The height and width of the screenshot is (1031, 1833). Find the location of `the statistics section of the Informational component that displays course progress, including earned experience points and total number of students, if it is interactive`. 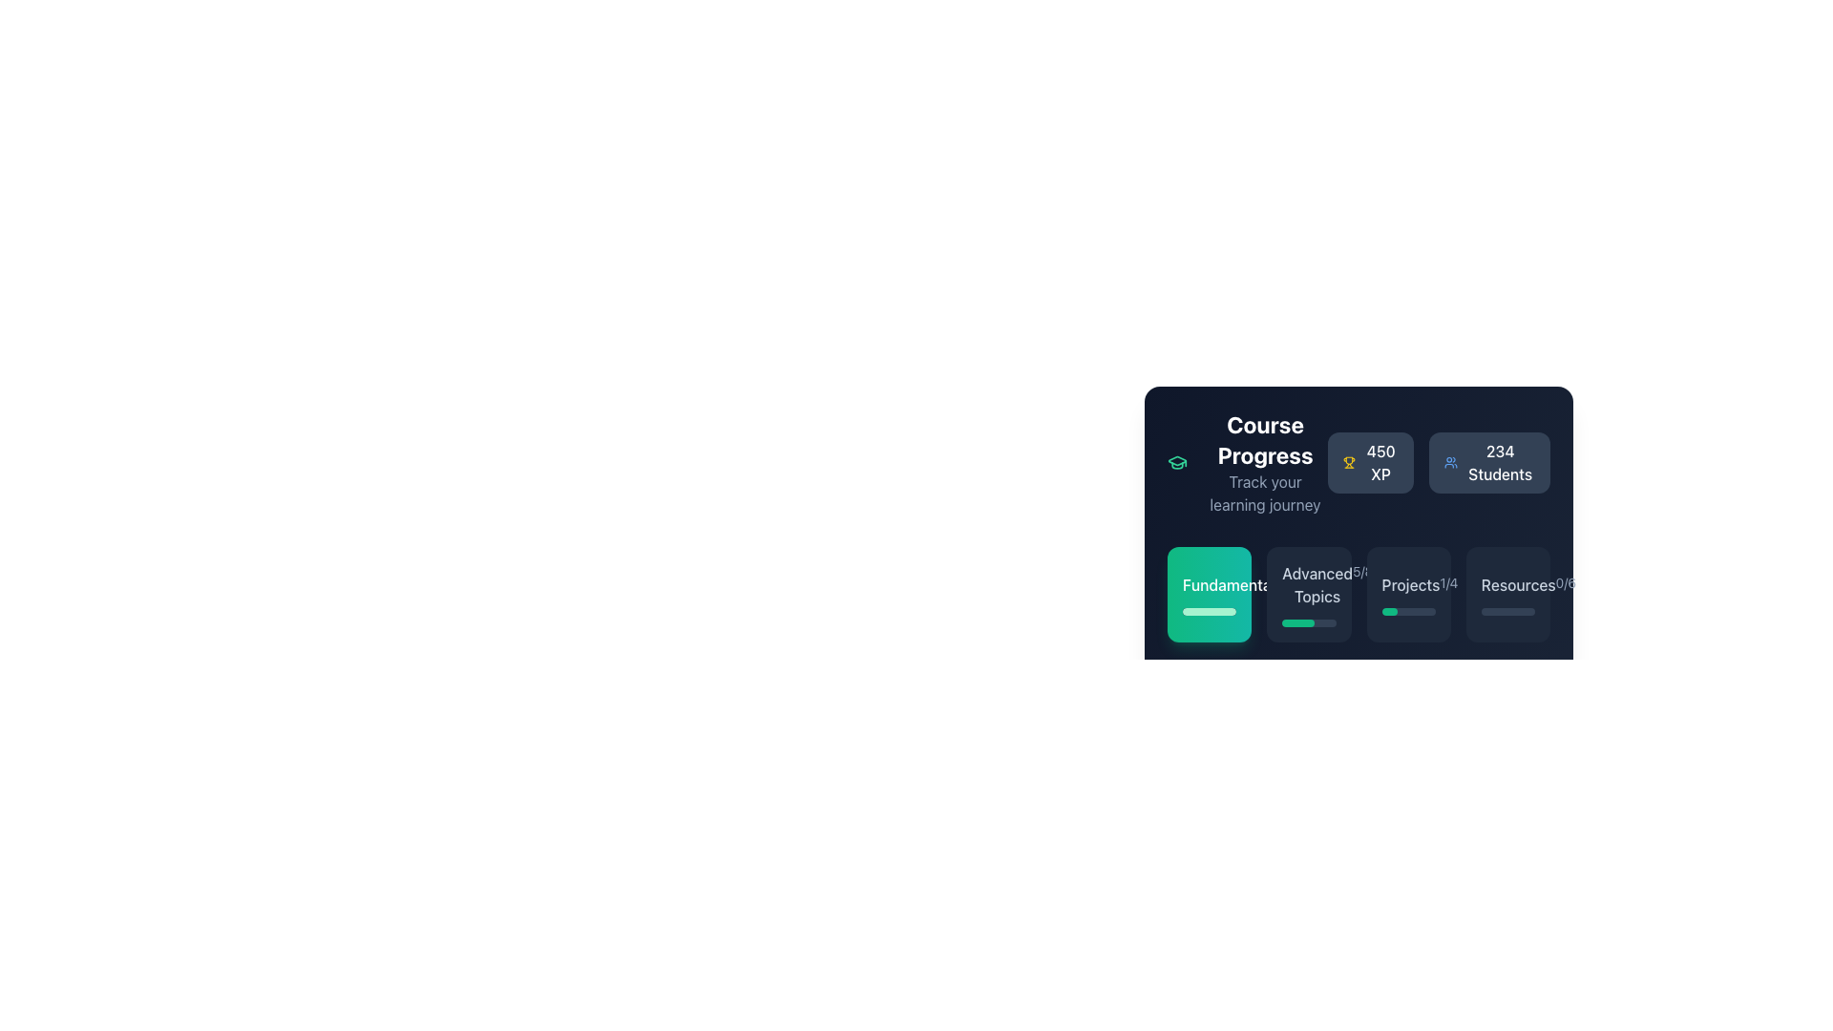

the statistics section of the Informational component that displays course progress, including earned experience points and total number of students, if it is interactive is located at coordinates (1358, 463).